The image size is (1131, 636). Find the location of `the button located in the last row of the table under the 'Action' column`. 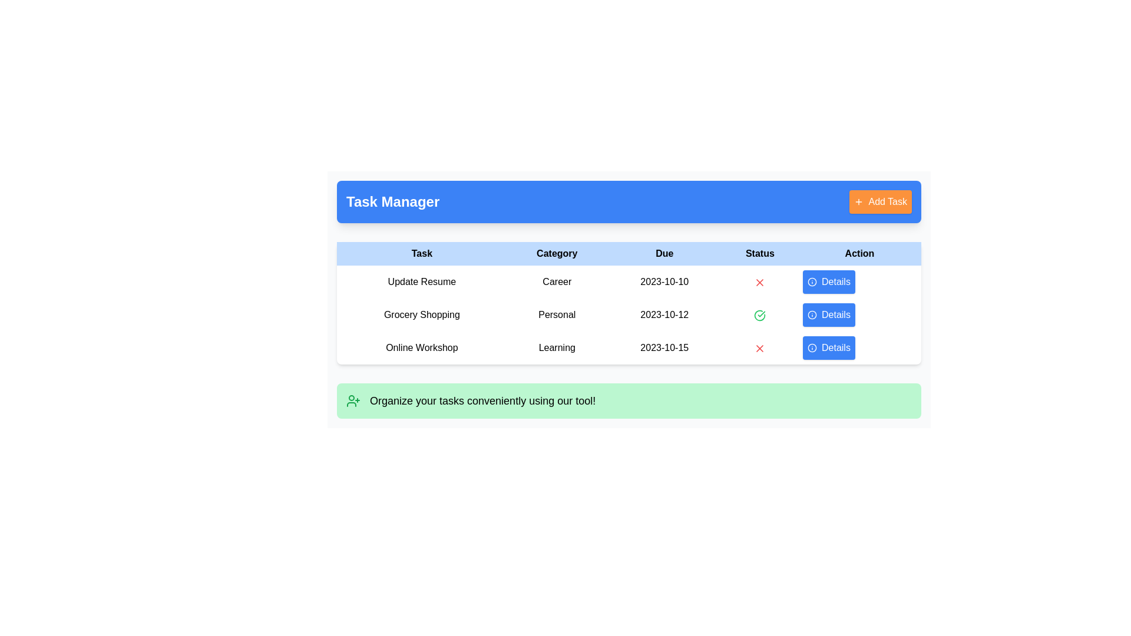

the button located in the last row of the table under the 'Action' column is located at coordinates (828, 347).